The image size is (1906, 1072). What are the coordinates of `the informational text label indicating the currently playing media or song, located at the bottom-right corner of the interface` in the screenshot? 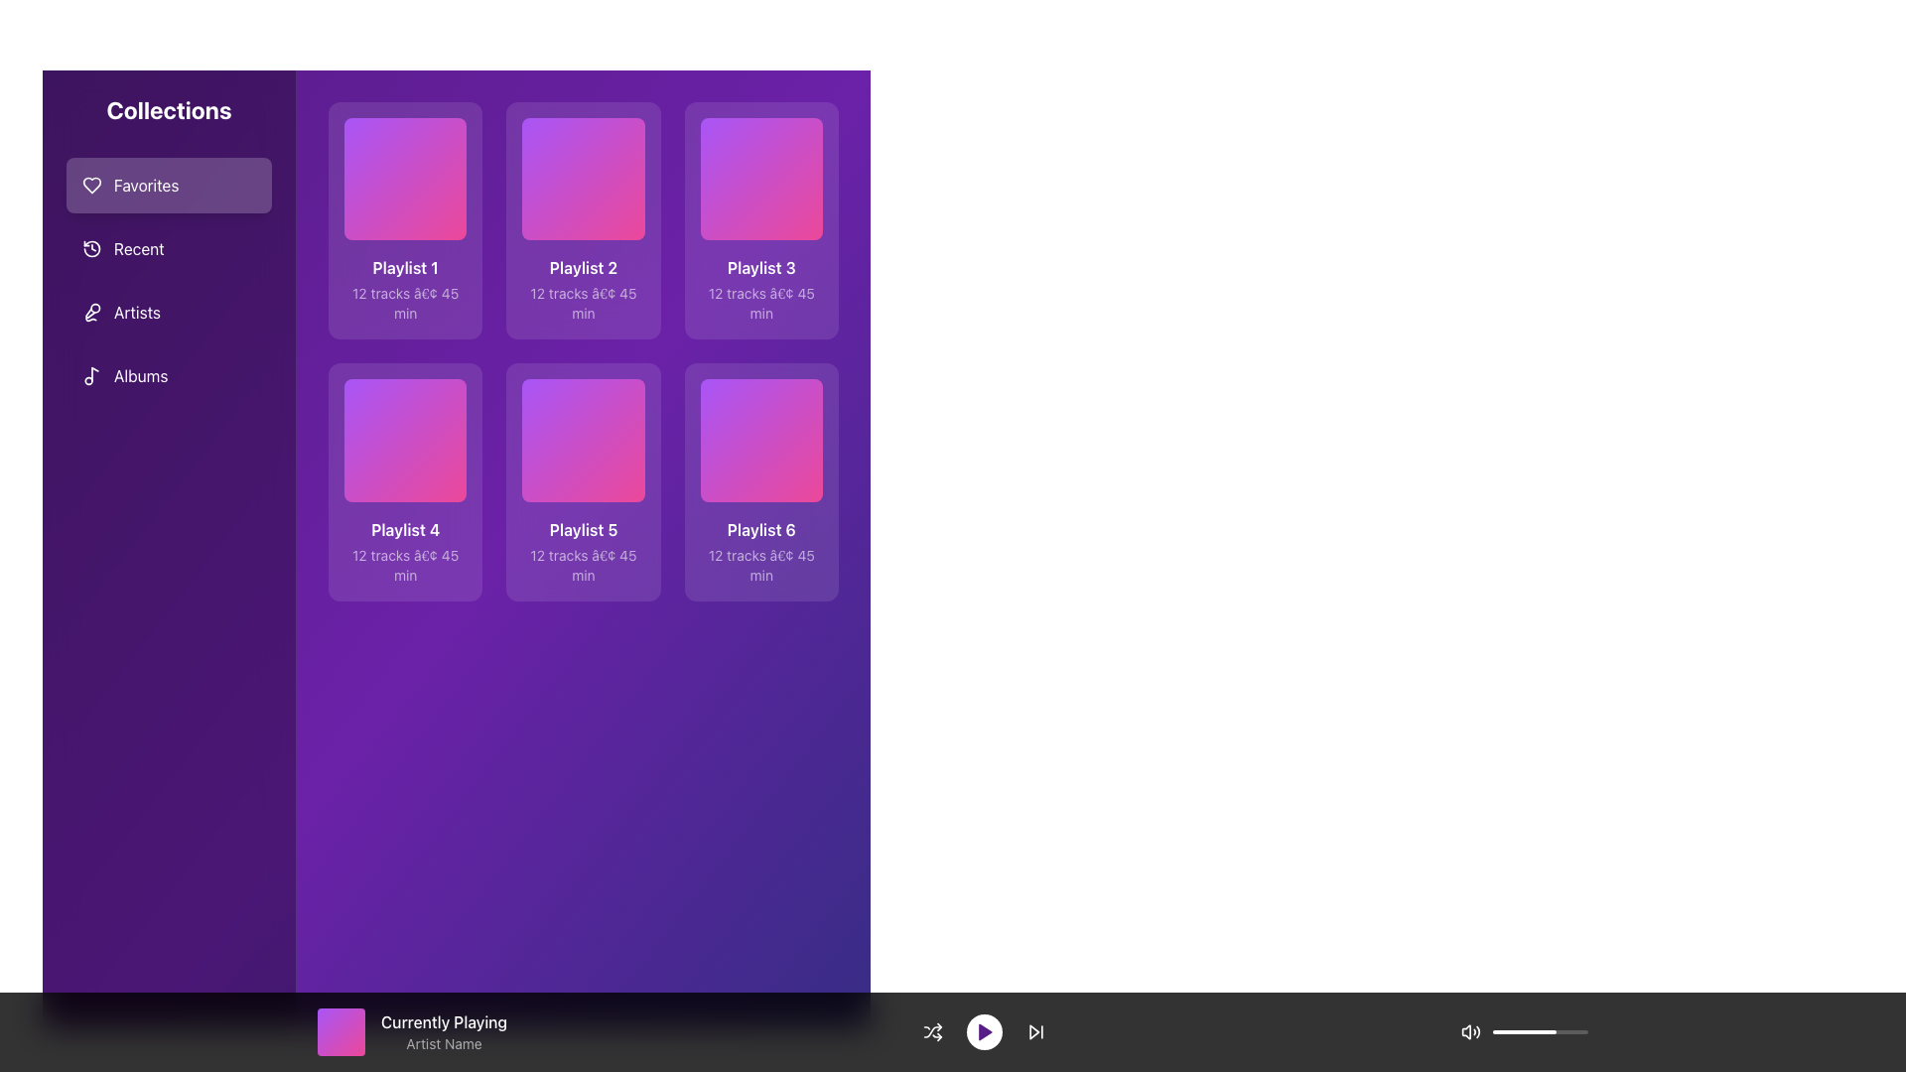 It's located at (443, 1021).